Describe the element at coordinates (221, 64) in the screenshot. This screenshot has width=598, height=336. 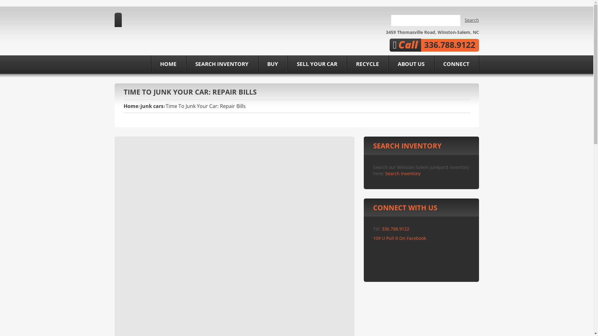
I see `'SEARCH INVENTORY'` at that location.